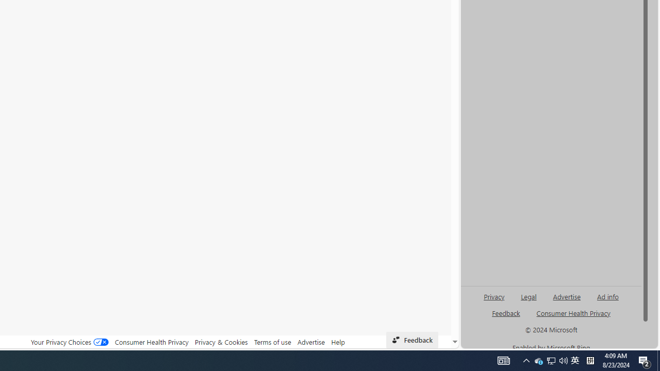  I want to click on 'Help', so click(338, 342).